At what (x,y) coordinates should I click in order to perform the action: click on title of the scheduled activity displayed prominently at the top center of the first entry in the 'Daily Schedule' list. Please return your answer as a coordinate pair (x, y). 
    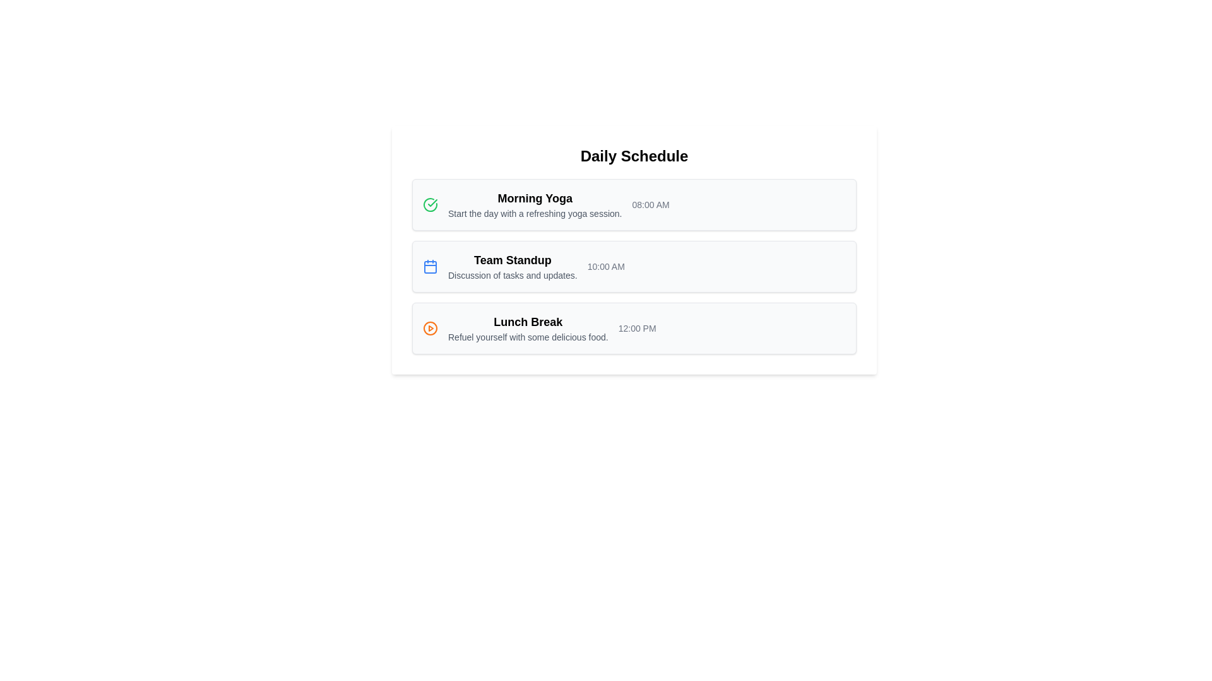
    Looking at the image, I should click on (535, 199).